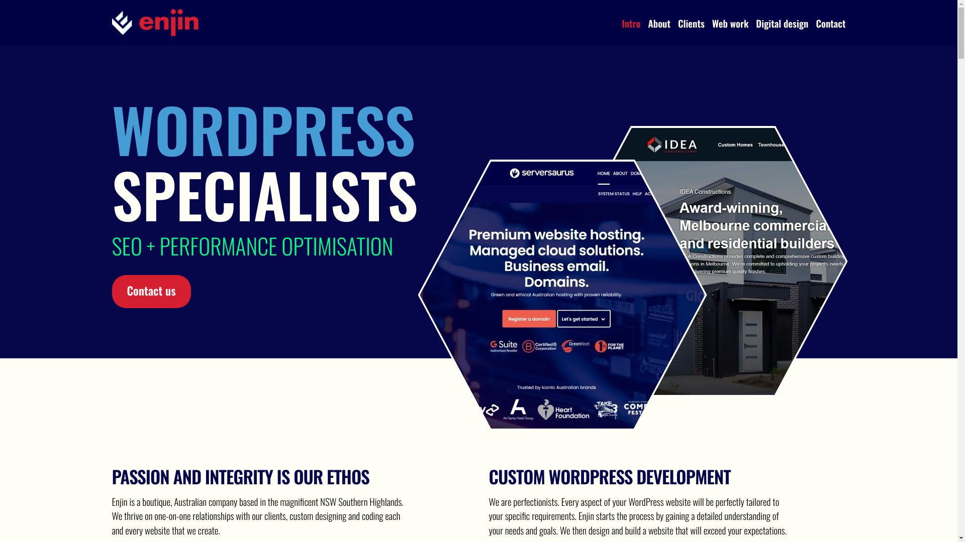  Describe the element at coordinates (815, 23) in the screenshot. I see `'Contact'` at that location.